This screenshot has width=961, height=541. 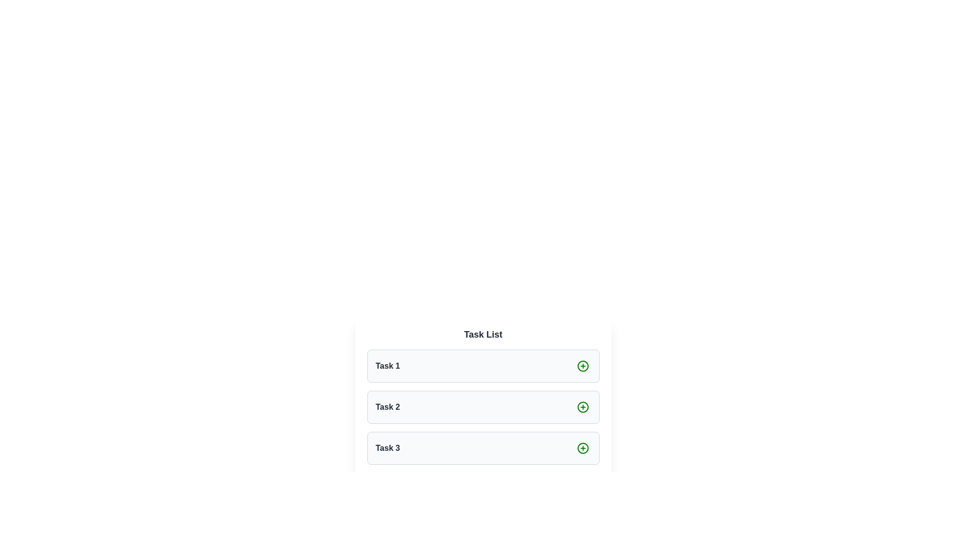 I want to click on the circular button with a green stroke outline and a plus symbol, so click(x=583, y=447).